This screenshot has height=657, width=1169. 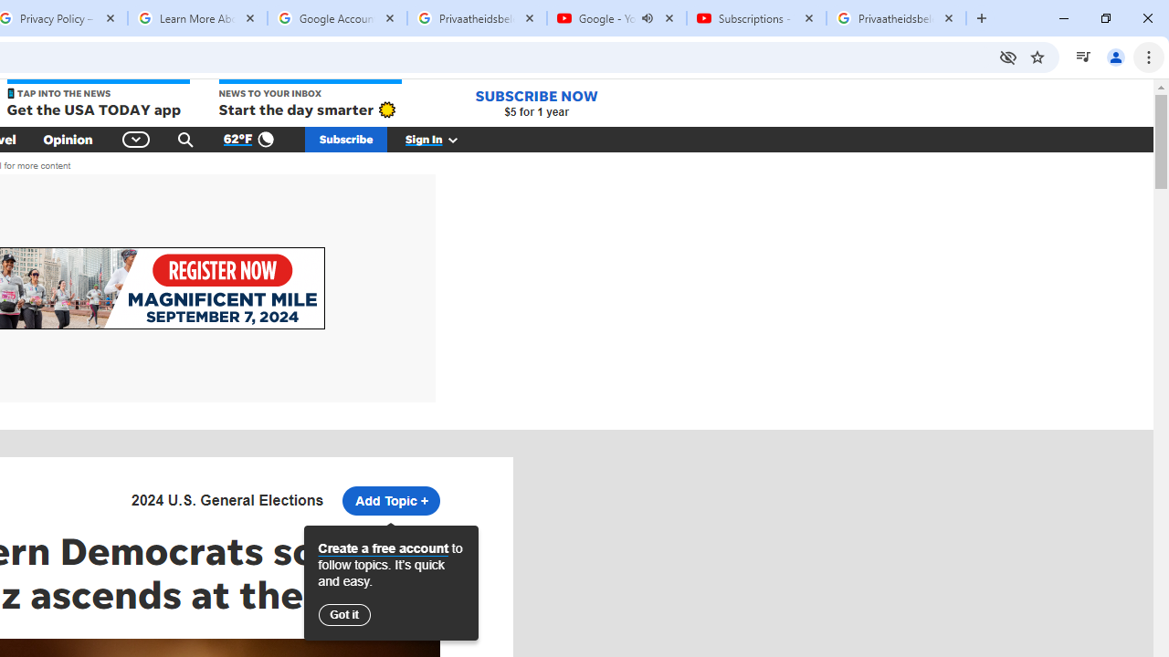 I want to click on 'Create a free account', so click(x=382, y=547).